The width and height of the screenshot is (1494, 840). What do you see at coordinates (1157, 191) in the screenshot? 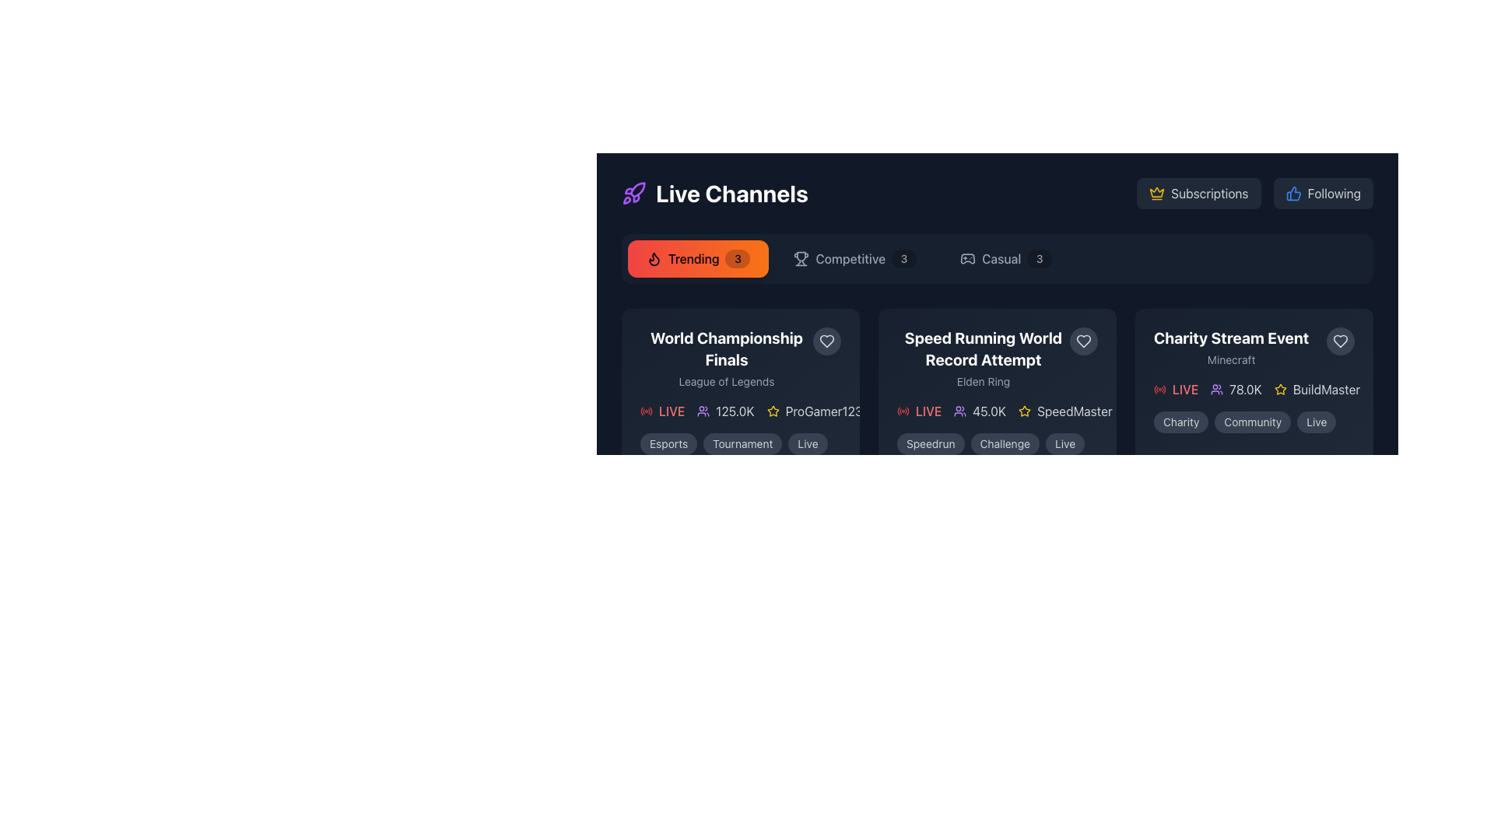
I see `the crown icon located within the 'Subscriptions' button in the top-right section of the interface` at bounding box center [1157, 191].